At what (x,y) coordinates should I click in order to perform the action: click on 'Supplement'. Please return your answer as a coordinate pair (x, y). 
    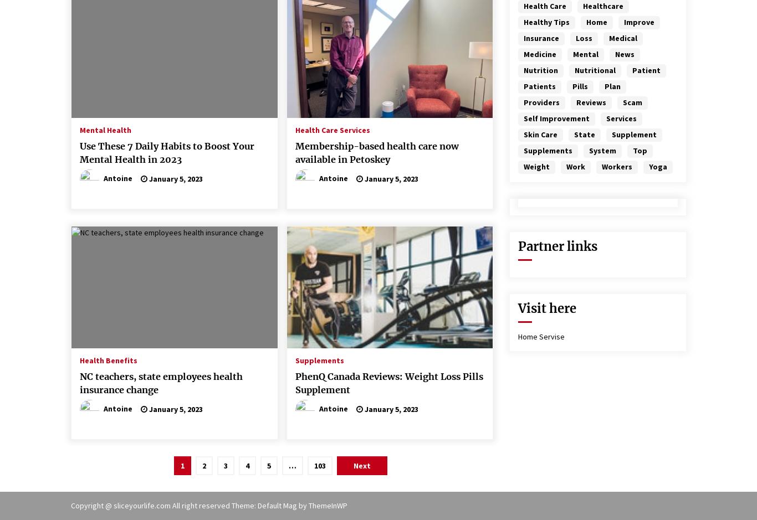
    Looking at the image, I should click on (634, 135).